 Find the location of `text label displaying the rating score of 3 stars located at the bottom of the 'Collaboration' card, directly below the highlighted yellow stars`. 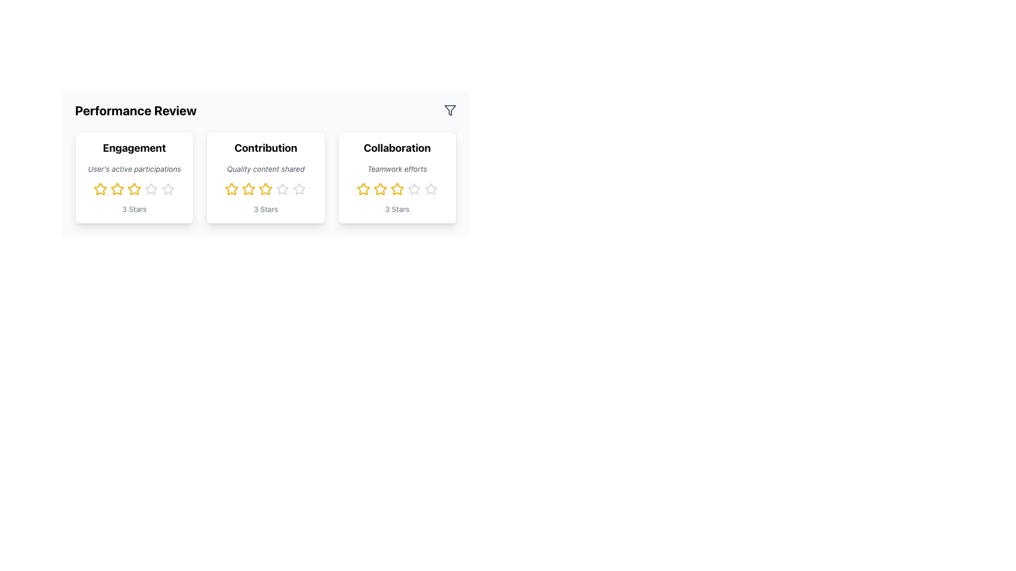

text label displaying the rating score of 3 stars located at the bottom of the 'Collaboration' card, directly below the highlighted yellow stars is located at coordinates (396, 209).